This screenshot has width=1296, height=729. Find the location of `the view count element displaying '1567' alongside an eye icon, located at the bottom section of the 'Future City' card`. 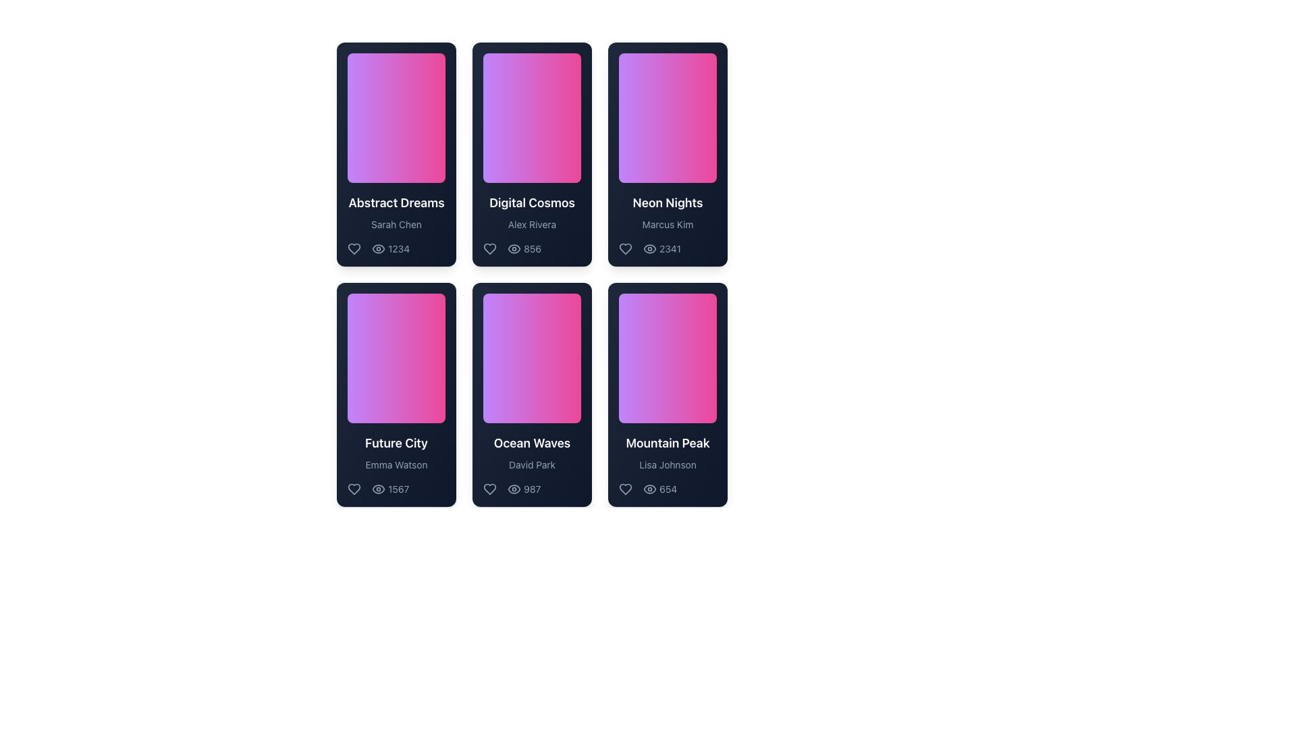

the view count element displaying '1567' alongside an eye icon, located at the bottom section of the 'Future City' card is located at coordinates (389, 489).